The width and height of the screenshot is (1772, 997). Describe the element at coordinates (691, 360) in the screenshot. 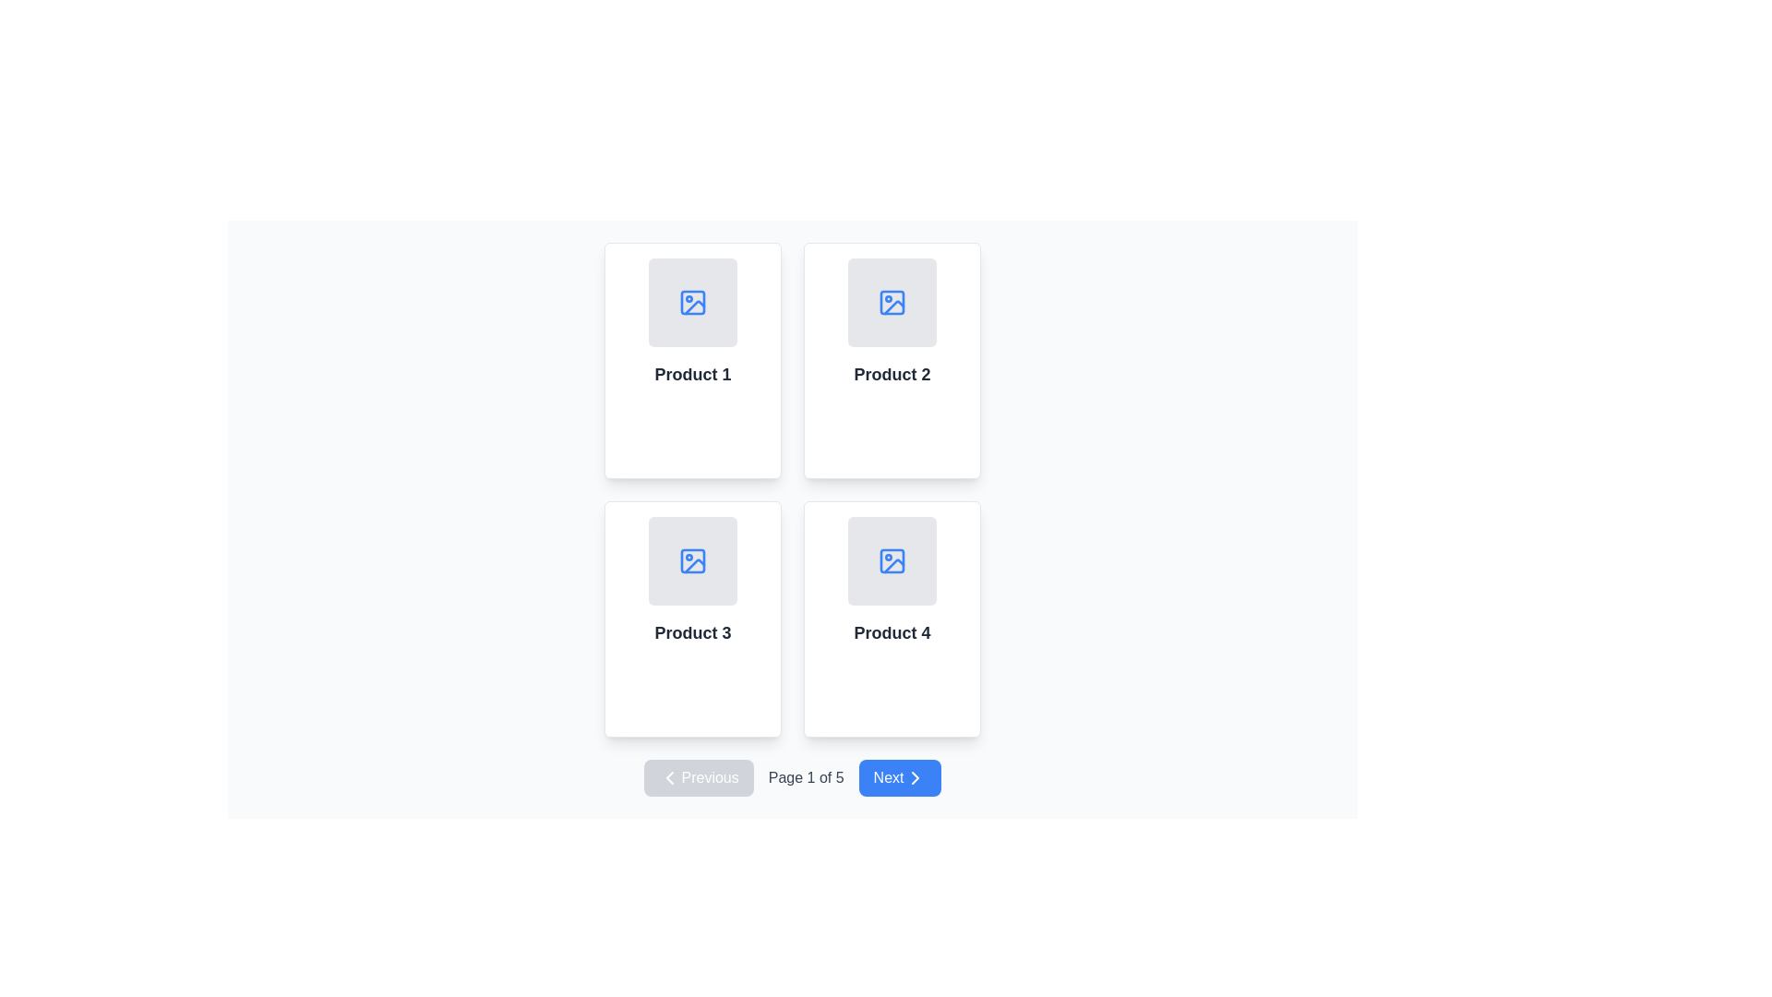

I see `the Product card element located in the top-left corner of the grid, which displays the bold text 'Product 1'` at that location.